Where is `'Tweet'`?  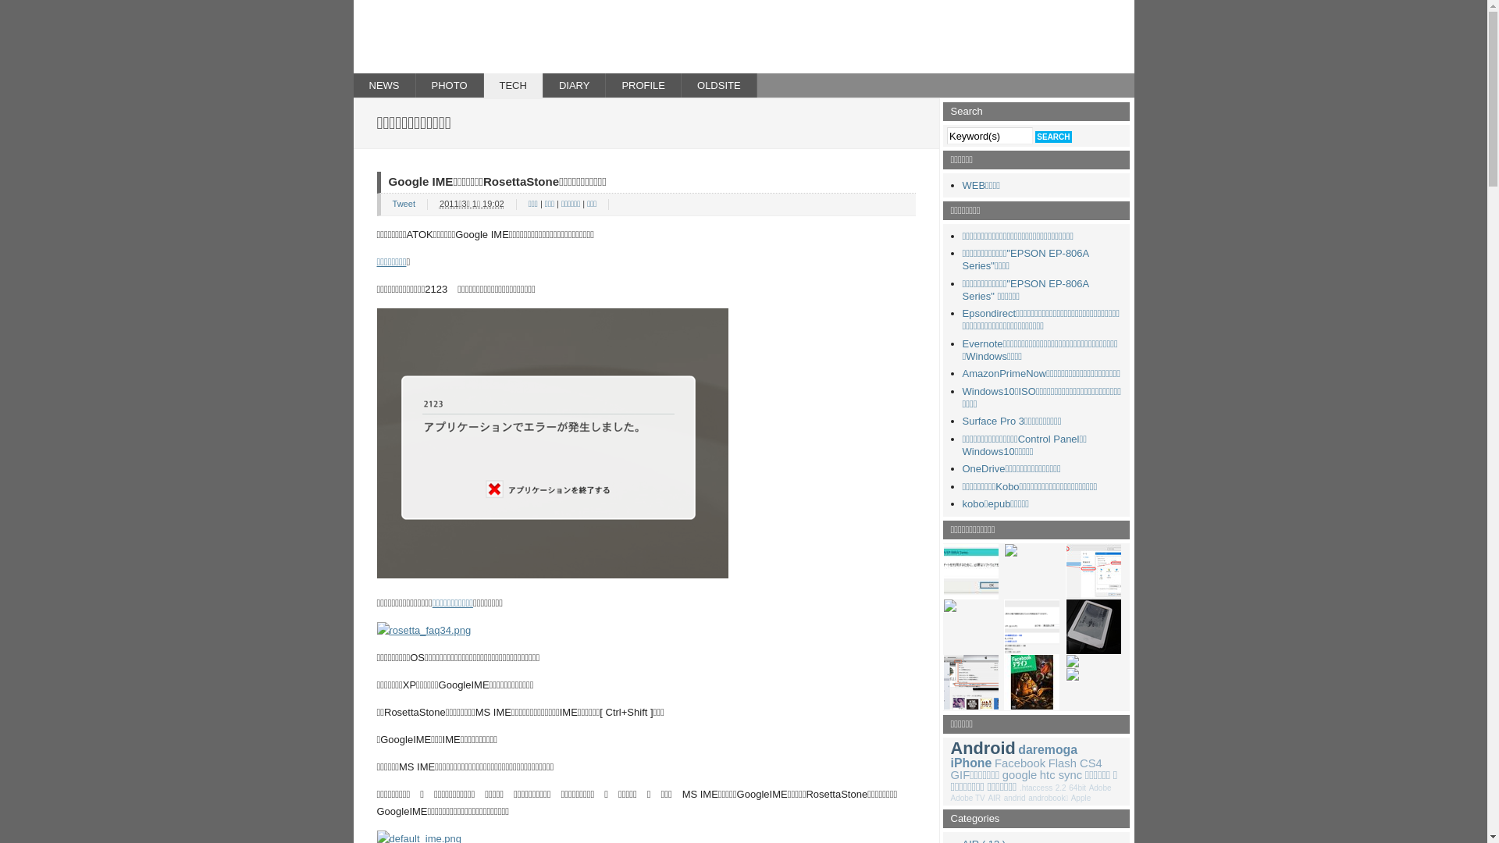
'Tweet' is located at coordinates (403, 203).